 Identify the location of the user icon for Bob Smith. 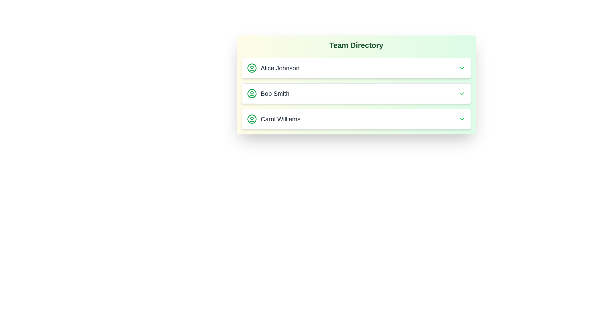
(252, 93).